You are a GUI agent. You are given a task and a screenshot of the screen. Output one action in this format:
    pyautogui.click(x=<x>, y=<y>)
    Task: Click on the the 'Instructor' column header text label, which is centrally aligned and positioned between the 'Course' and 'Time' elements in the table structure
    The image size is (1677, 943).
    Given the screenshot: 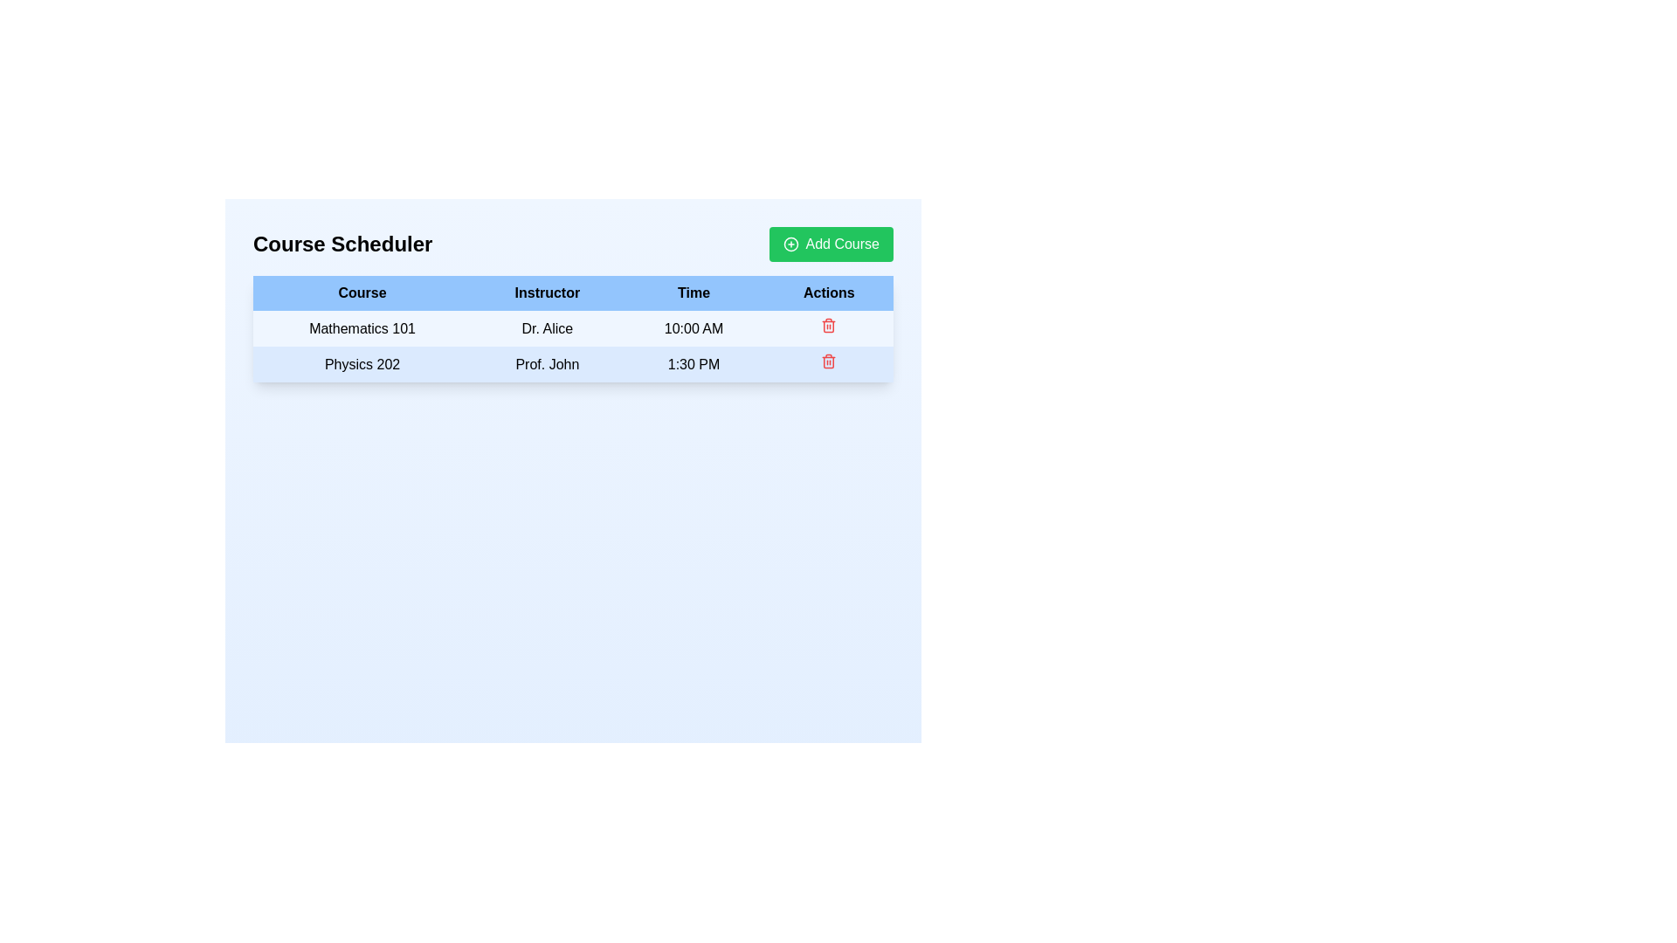 What is the action you would take?
    pyautogui.click(x=546, y=292)
    